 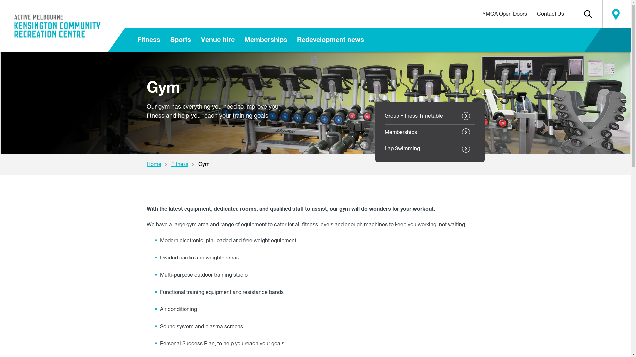 I want to click on 'Redevelopment news', so click(x=331, y=40).